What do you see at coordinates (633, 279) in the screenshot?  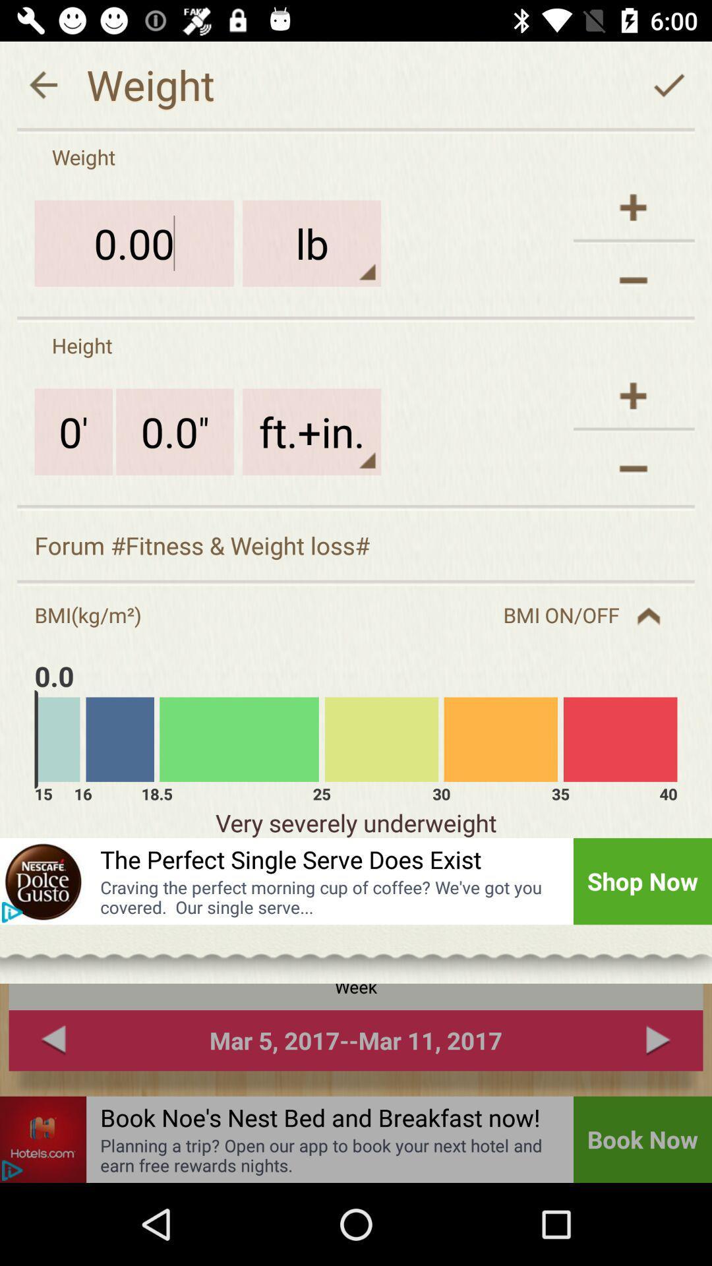 I see `the minus icon` at bounding box center [633, 279].